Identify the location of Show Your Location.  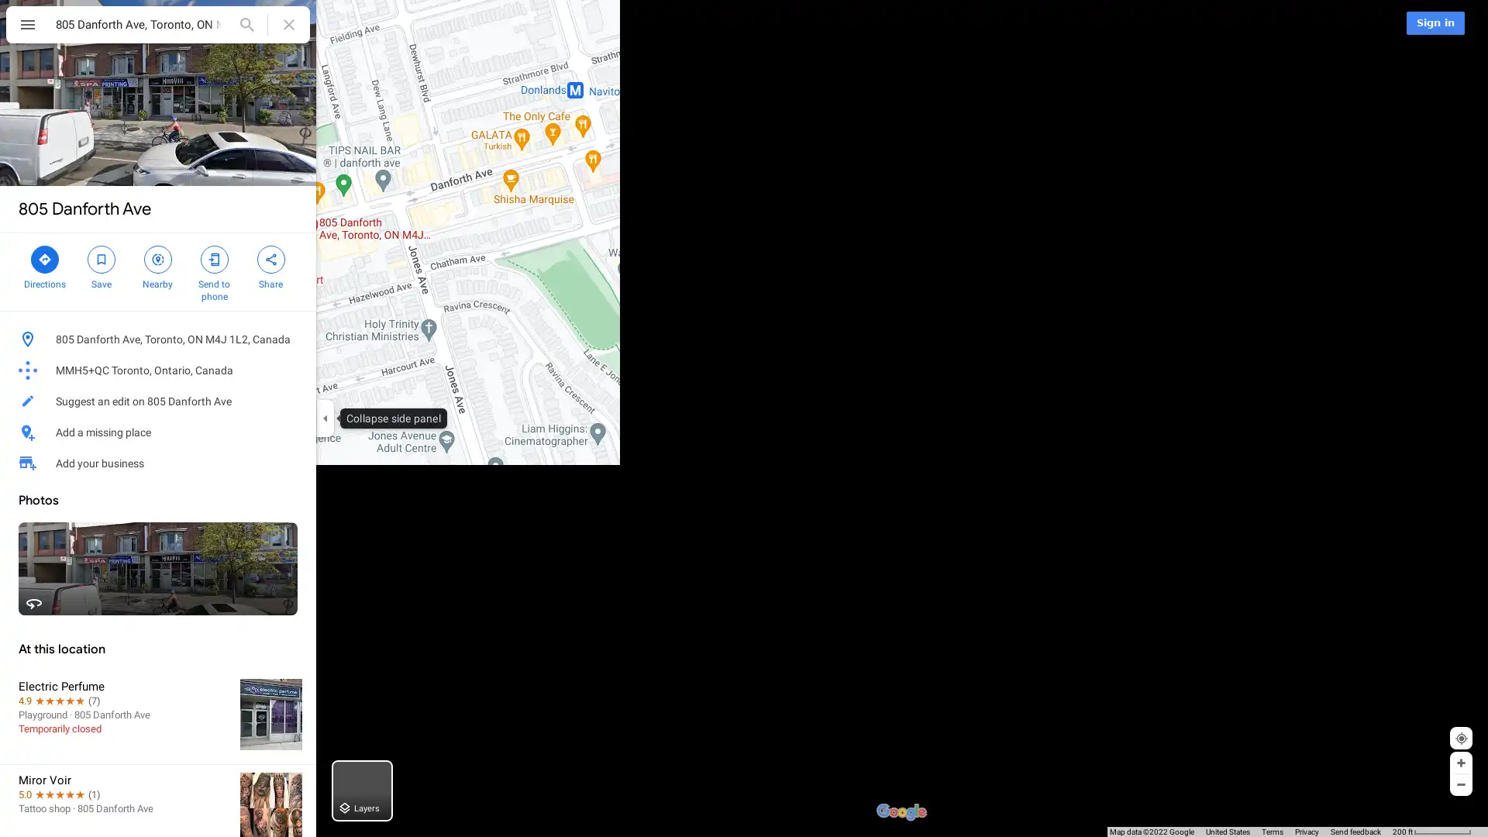
(1460, 737).